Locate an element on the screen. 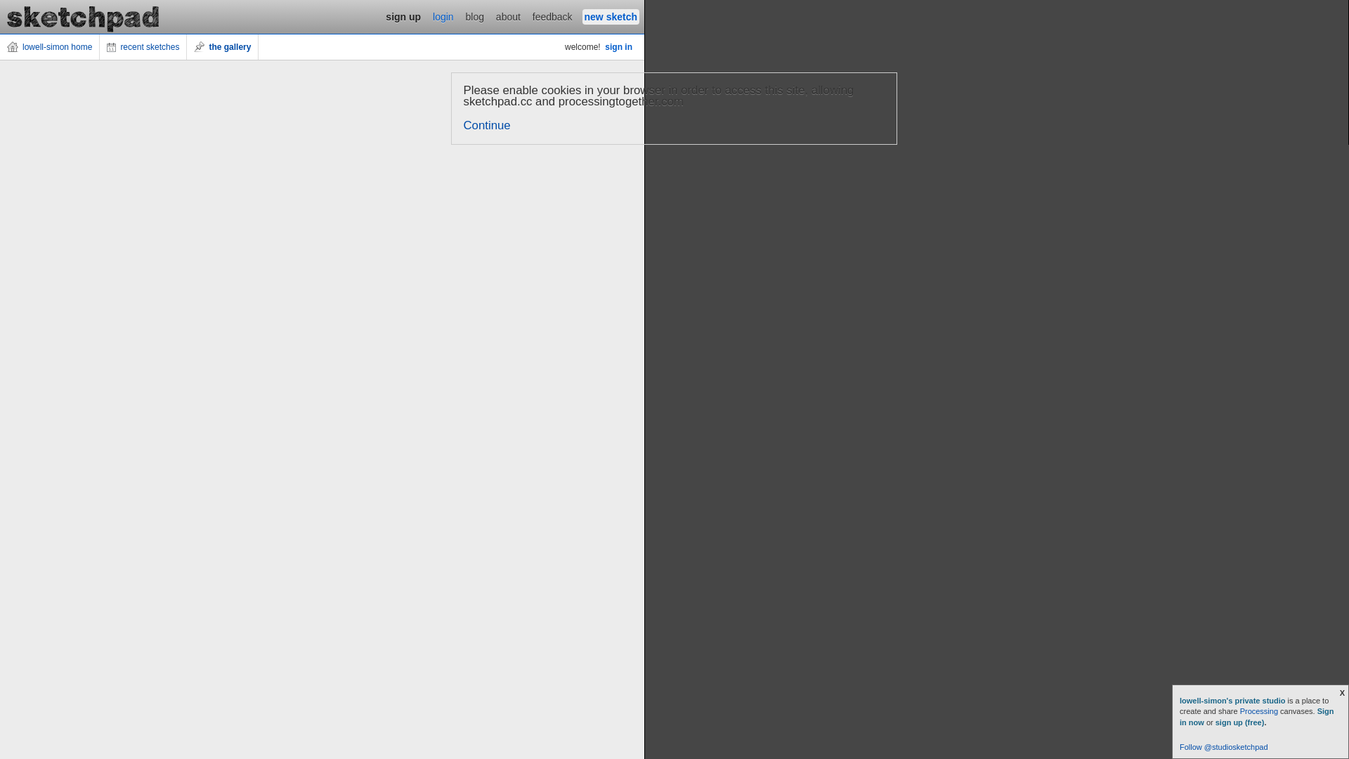  'Continue' is located at coordinates (487, 124).